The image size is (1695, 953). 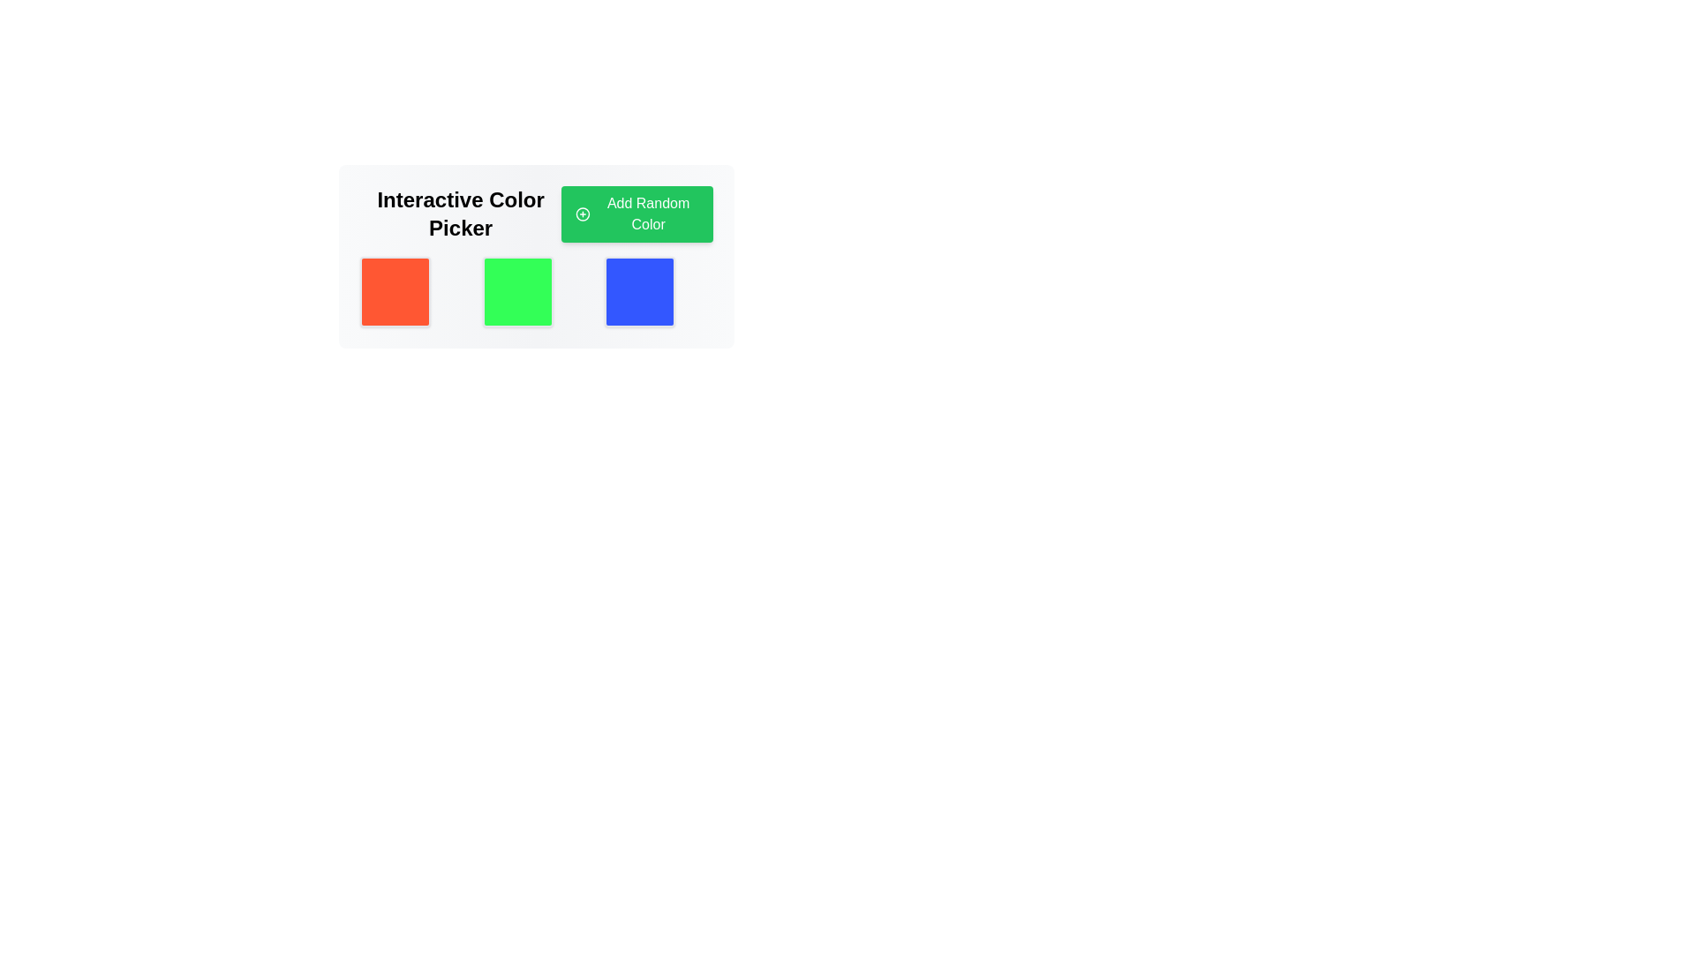 I want to click on the rightmost color block in the Interactive Color Picker section, so click(x=639, y=291).